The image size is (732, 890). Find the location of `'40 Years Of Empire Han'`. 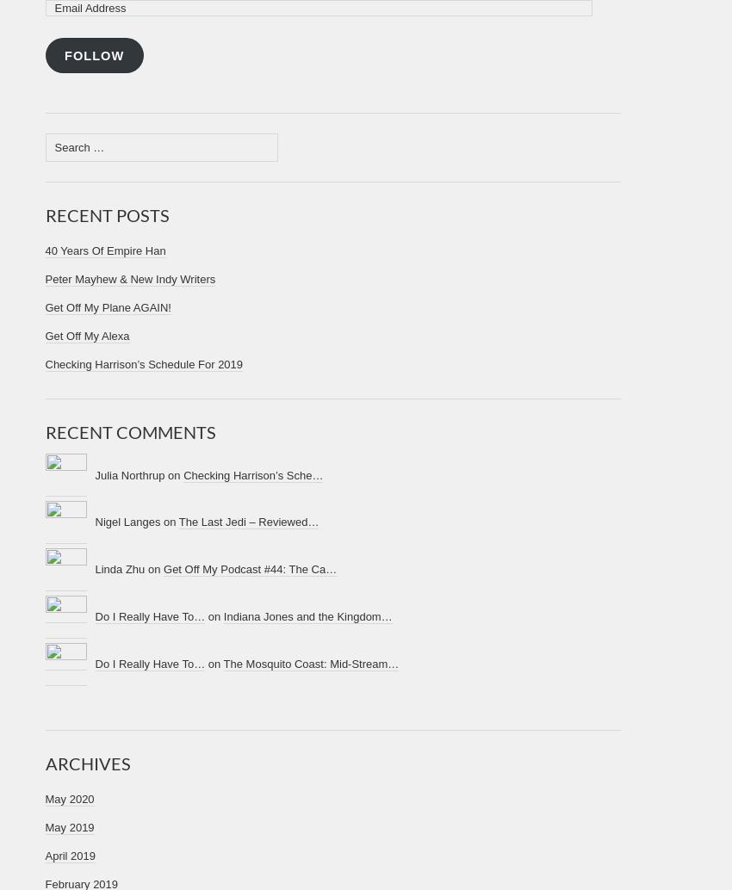

'40 Years Of Empire Han' is located at coordinates (103, 250).